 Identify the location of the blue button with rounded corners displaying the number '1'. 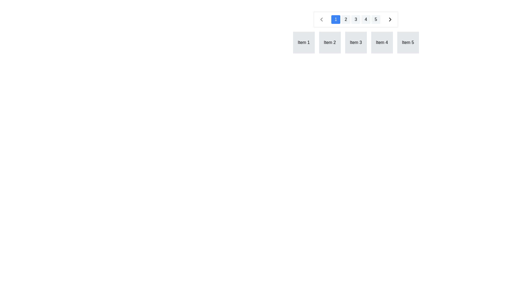
(335, 19).